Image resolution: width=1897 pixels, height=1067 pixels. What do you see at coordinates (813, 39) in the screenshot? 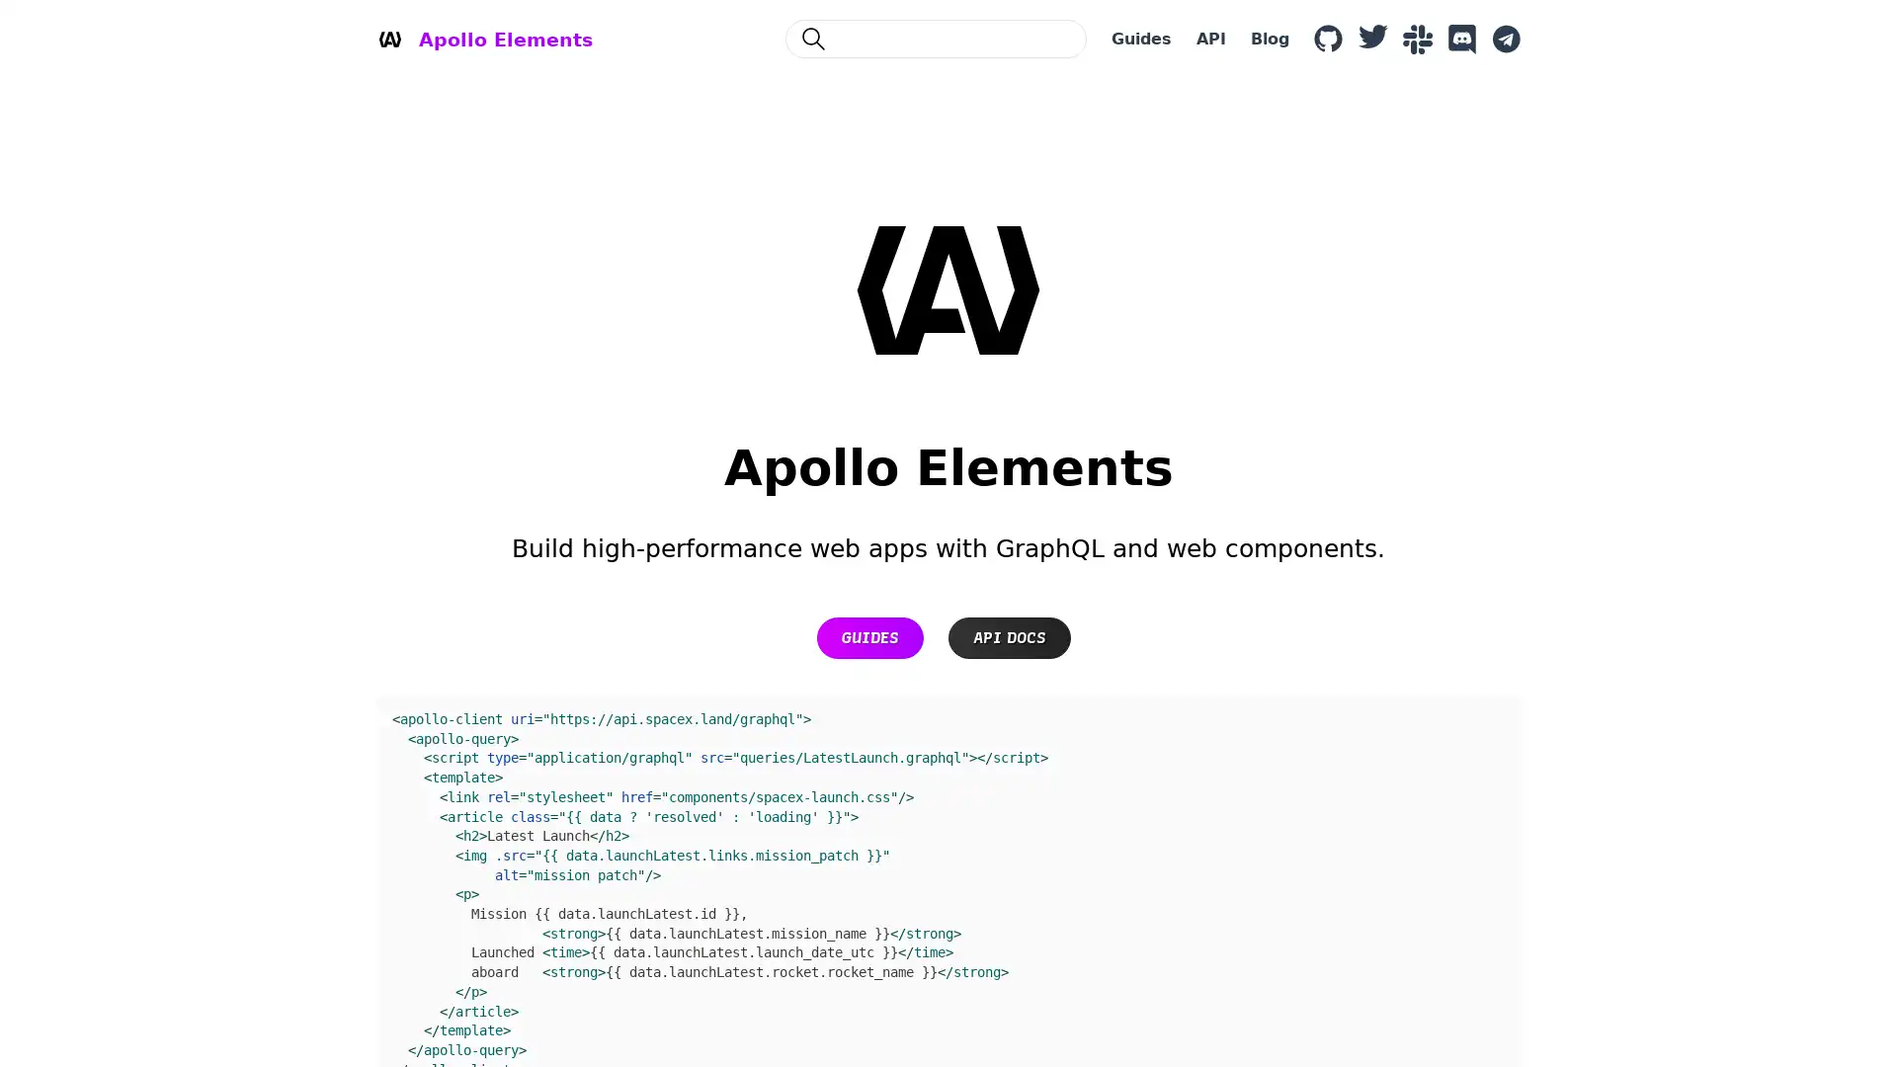
I see `Search` at bounding box center [813, 39].